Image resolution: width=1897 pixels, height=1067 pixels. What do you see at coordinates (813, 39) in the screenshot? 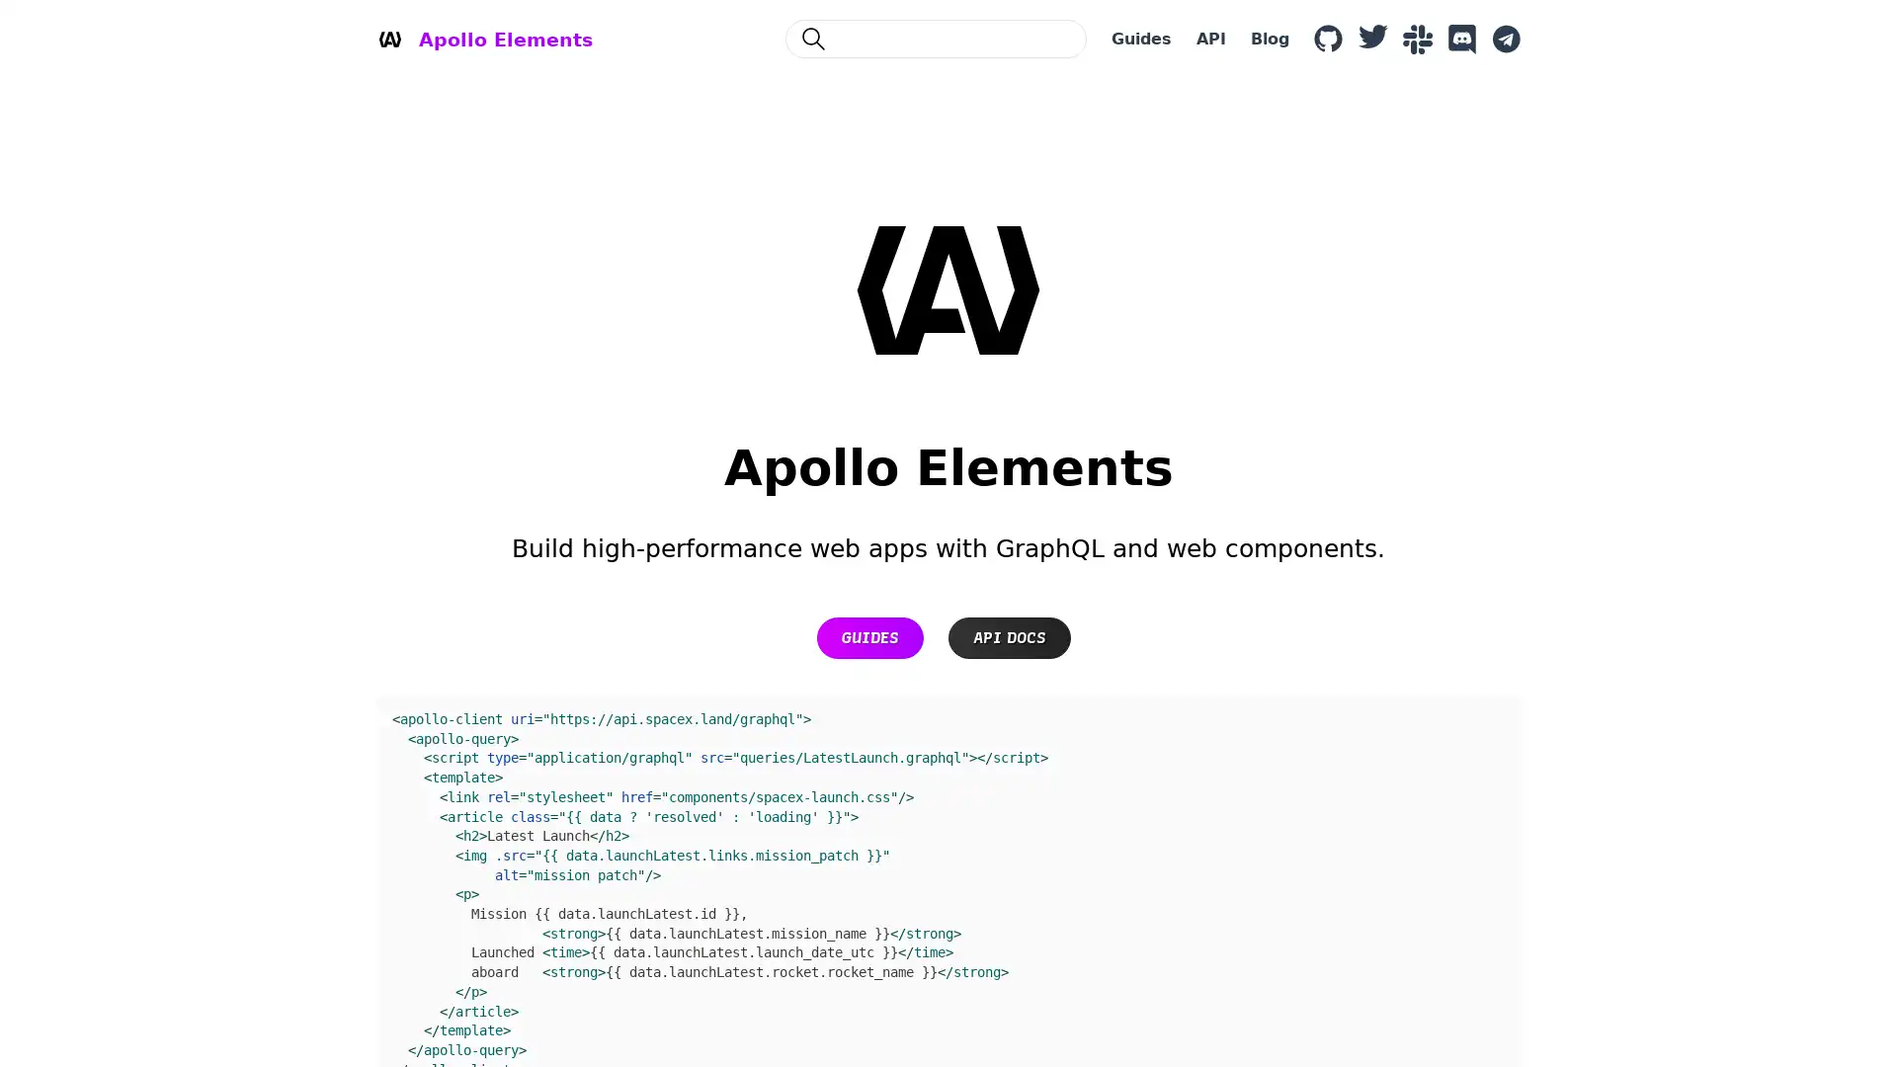
I see `Search` at bounding box center [813, 39].